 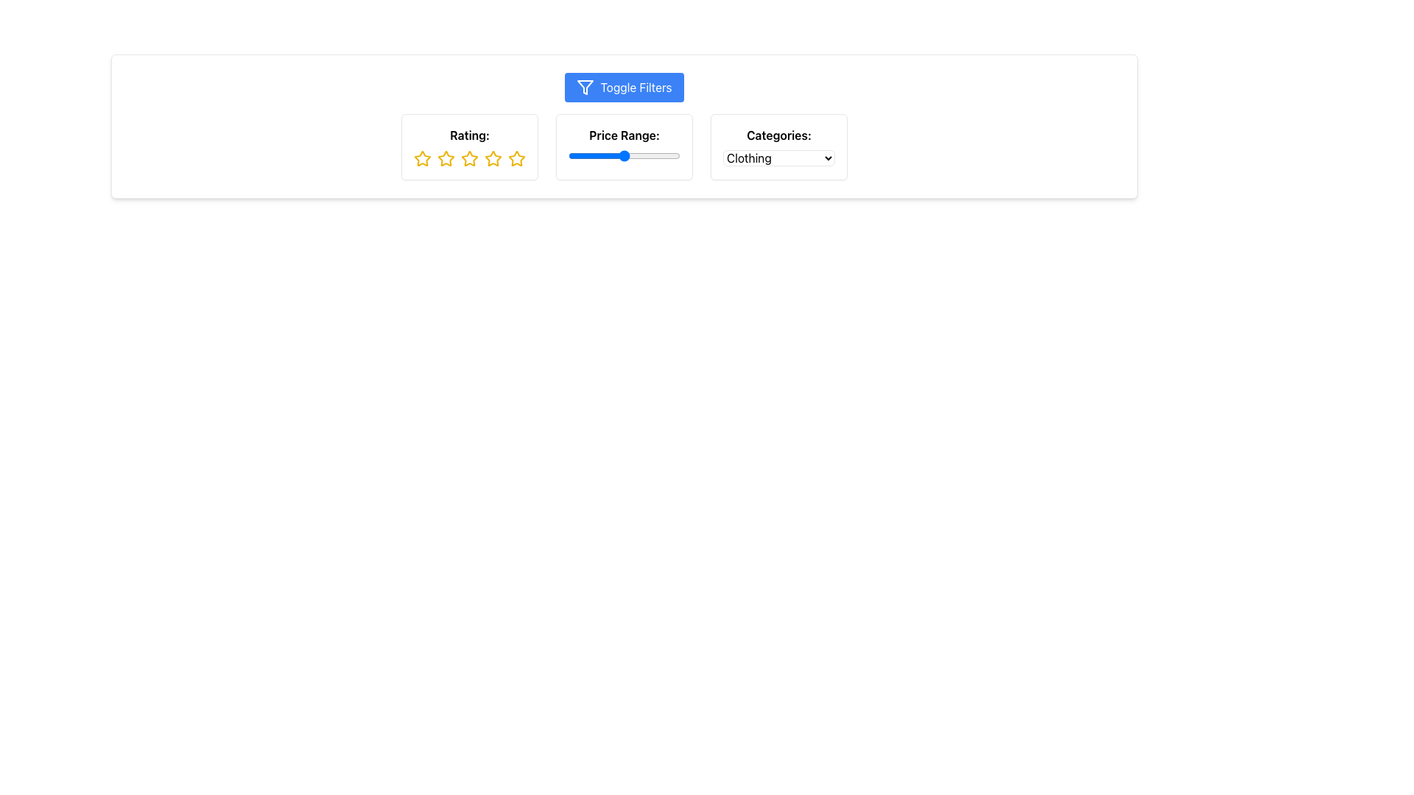 What do you see at coordinates (668, 156) in the screenshot?
I see `the price range slider` at bounding box center [668, 156].